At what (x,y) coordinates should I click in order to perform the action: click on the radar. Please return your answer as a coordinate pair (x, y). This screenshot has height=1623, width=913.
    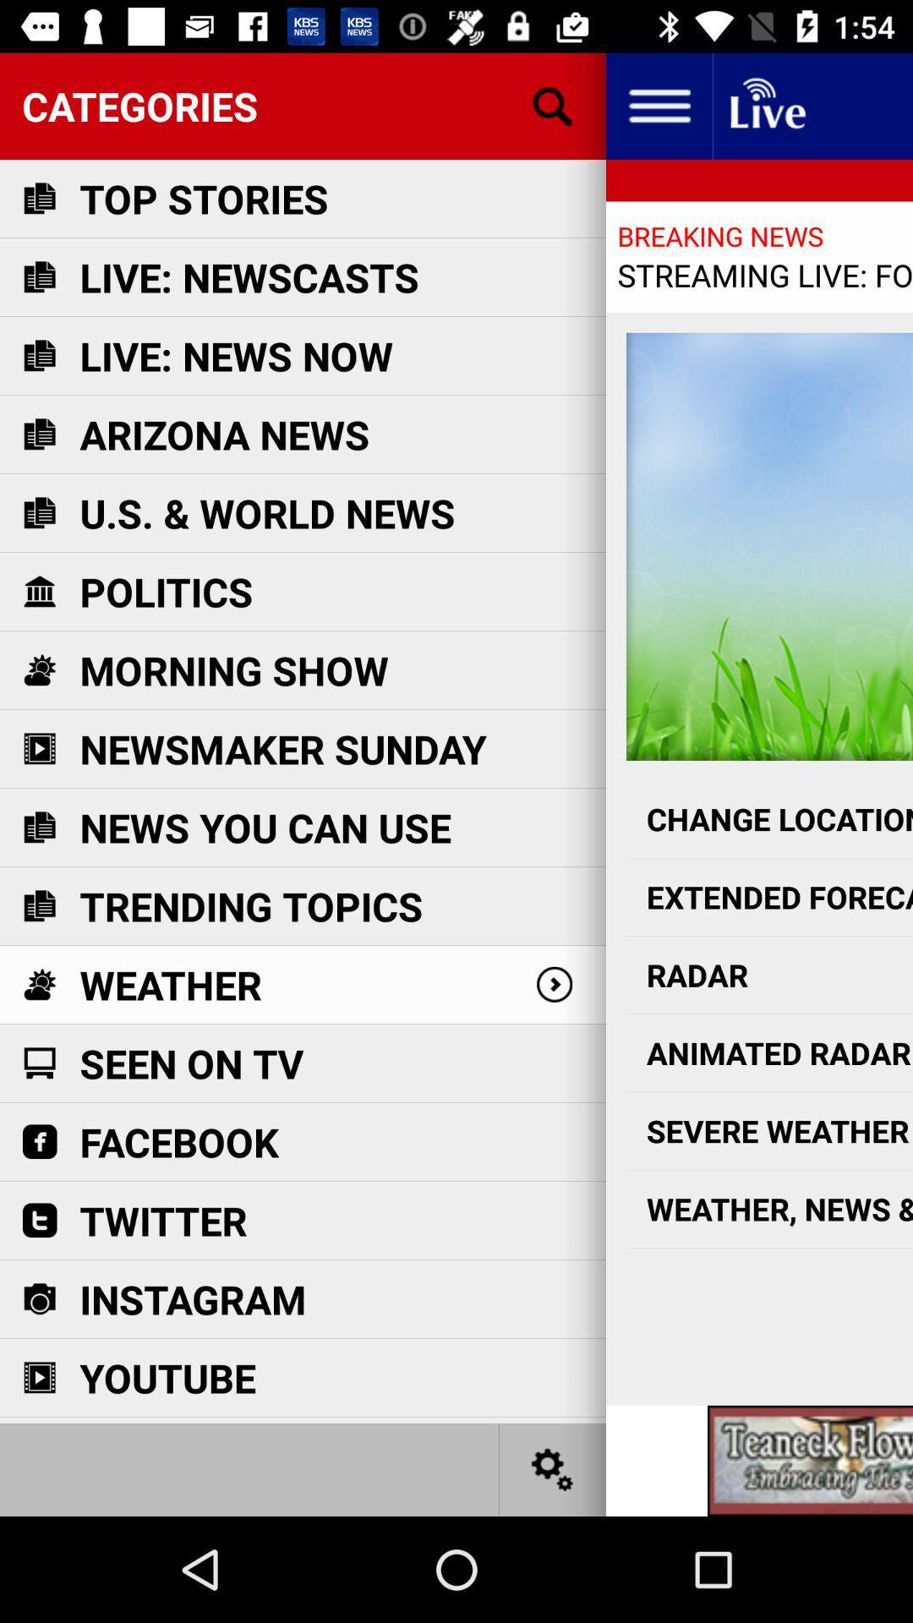
    Looking at the image, I should click on (769, 975).